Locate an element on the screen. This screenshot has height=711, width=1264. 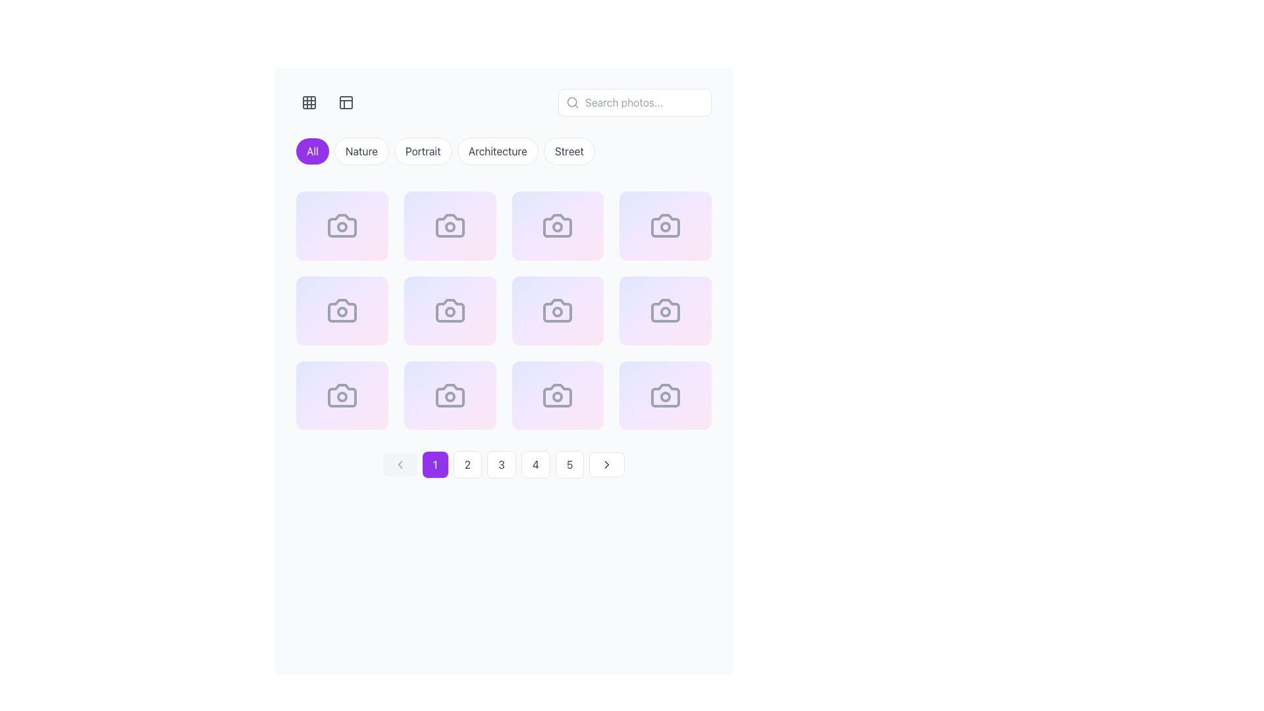
the camera icon located in the second row and second column of the grid layout is located at coordinates (450, 225).